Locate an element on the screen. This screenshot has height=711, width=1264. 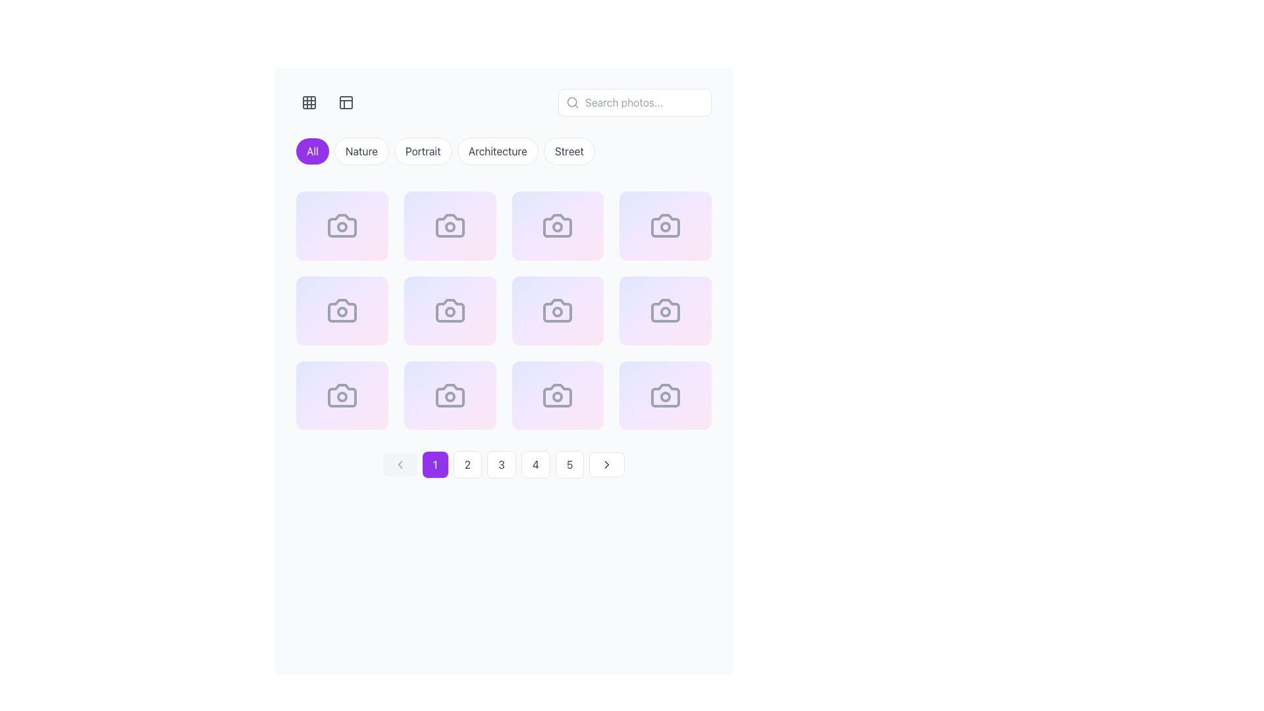
the camera icon located in the second row and second column of the grid layout is located at coordinates (450, 225).